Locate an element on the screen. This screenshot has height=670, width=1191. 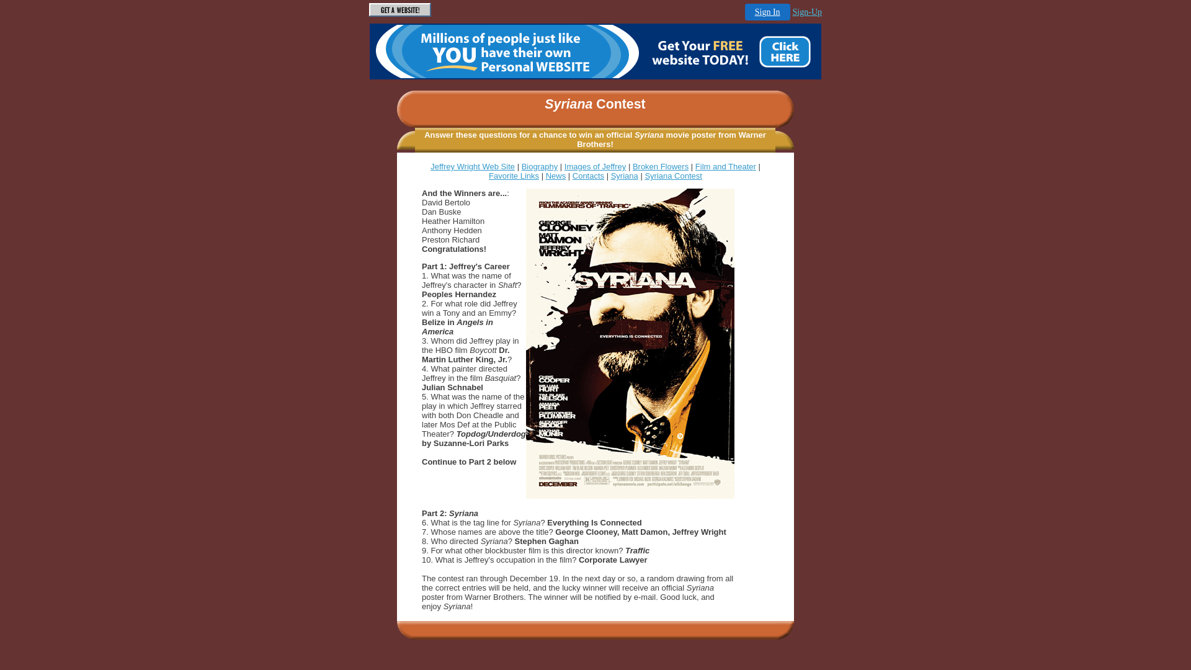
'News' is located at coordinates (545, 176).